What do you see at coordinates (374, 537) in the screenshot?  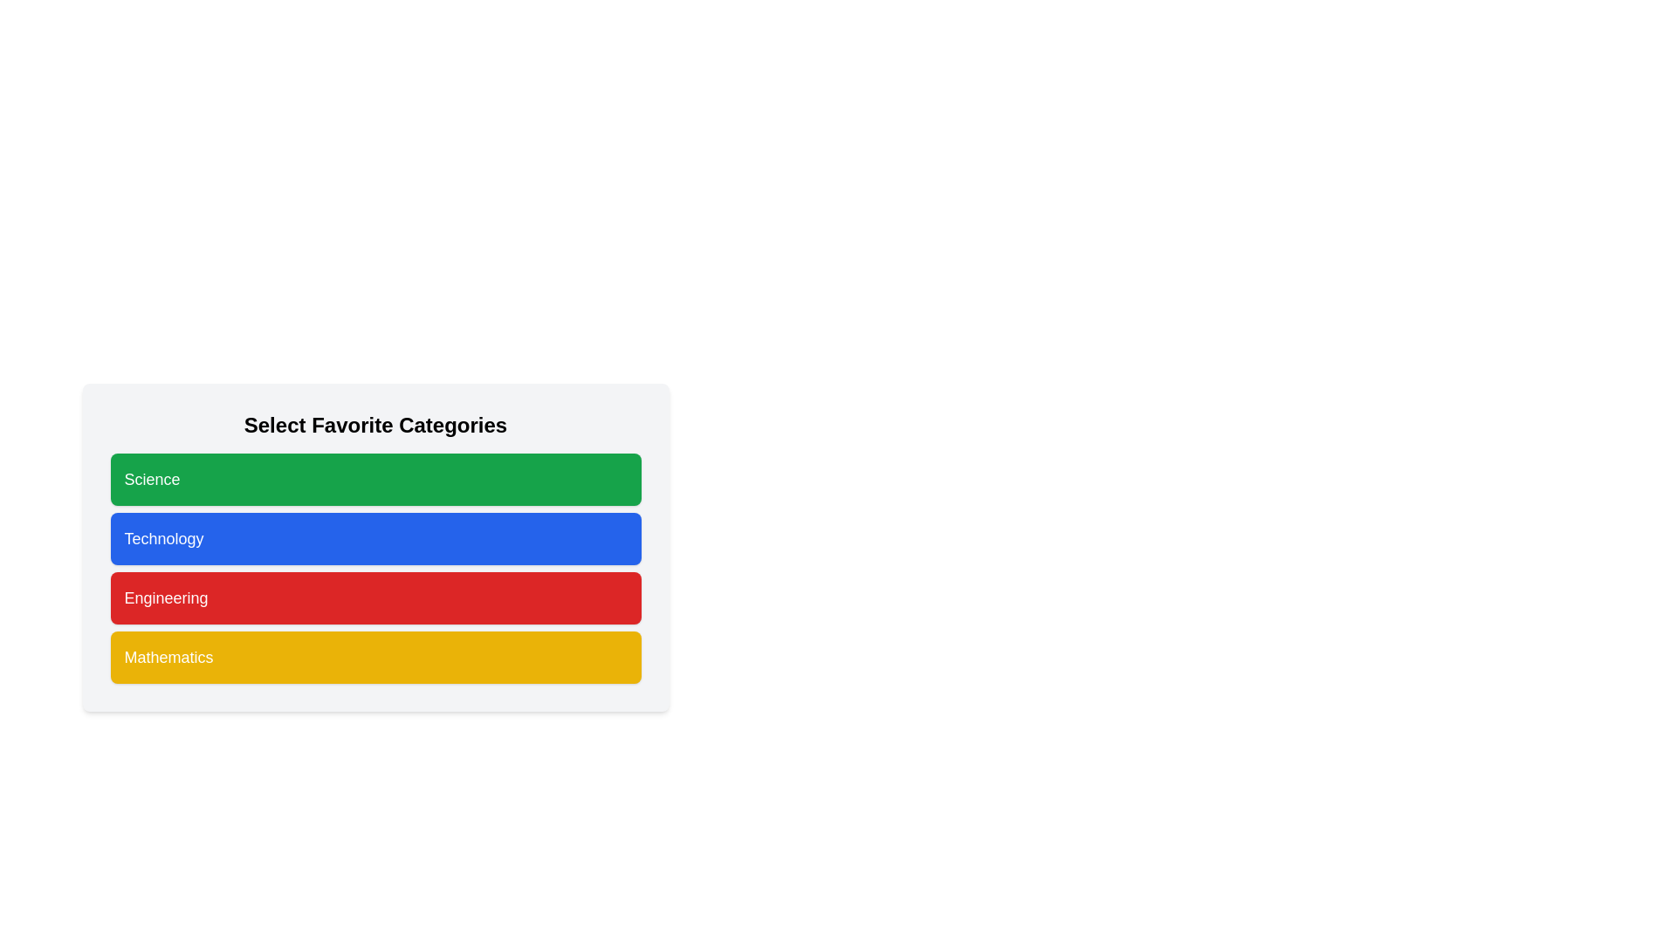 I see `the 'Technology' category button, which is the second button in a vertical list of four categories, located below 'Science' and above 'Engineering'` at bounding box center [374, 537].